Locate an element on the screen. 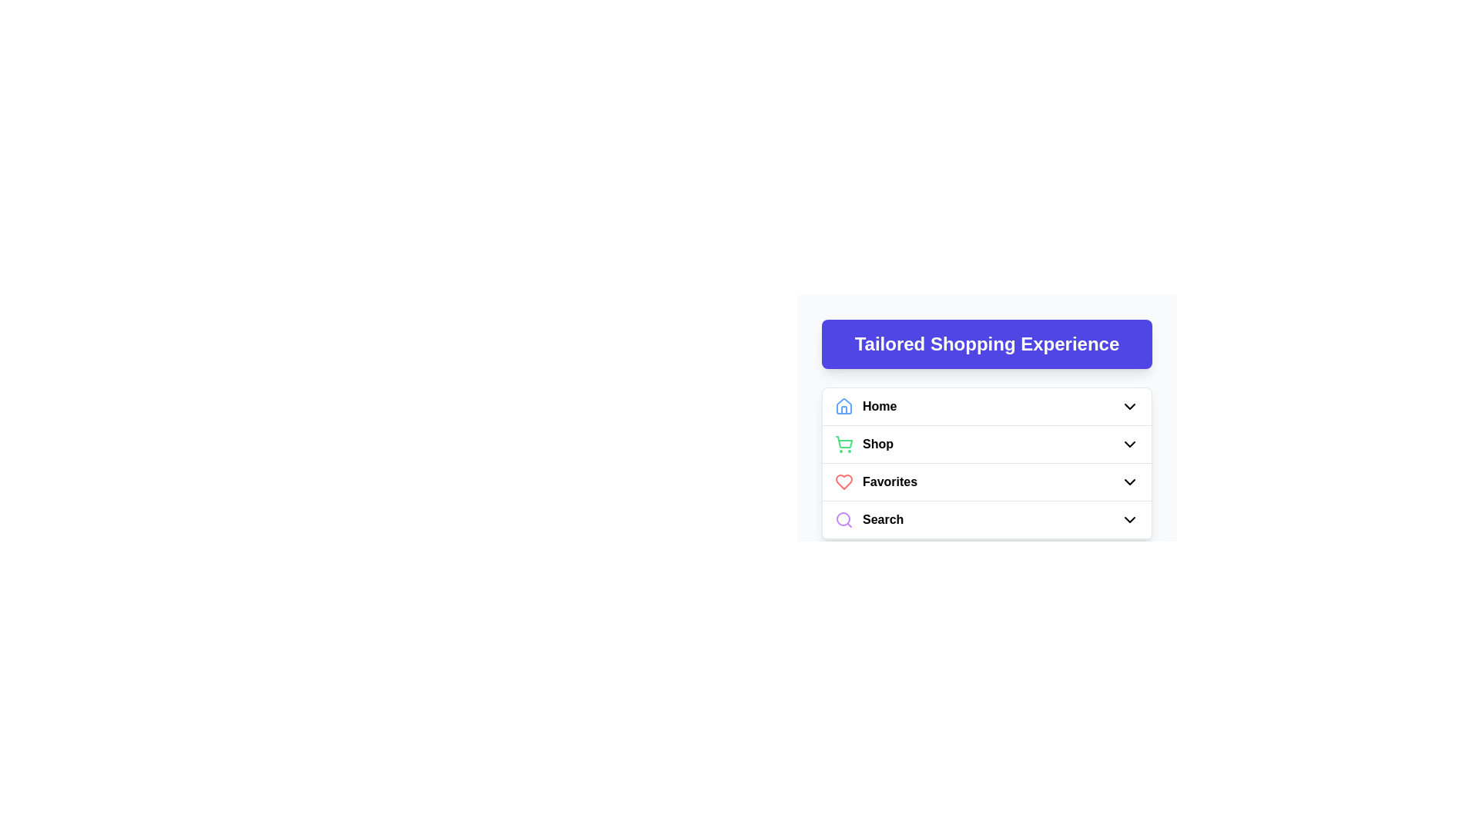 This screenshot has width=1479, height=832. the 'Favorites' text label with a heart icon, which is the third item in the vertical menu list is located at coordinates (876, 481).